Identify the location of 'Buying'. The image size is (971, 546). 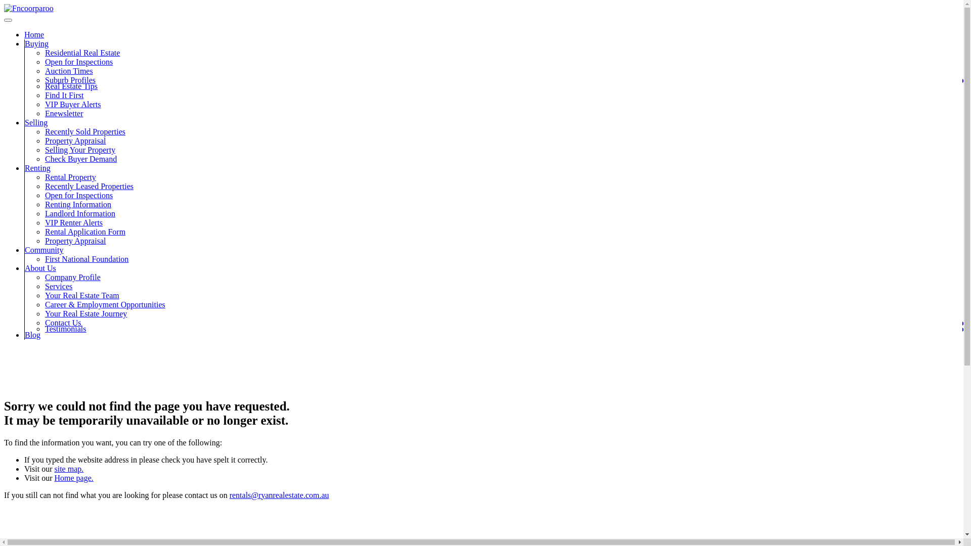
(36, 43).